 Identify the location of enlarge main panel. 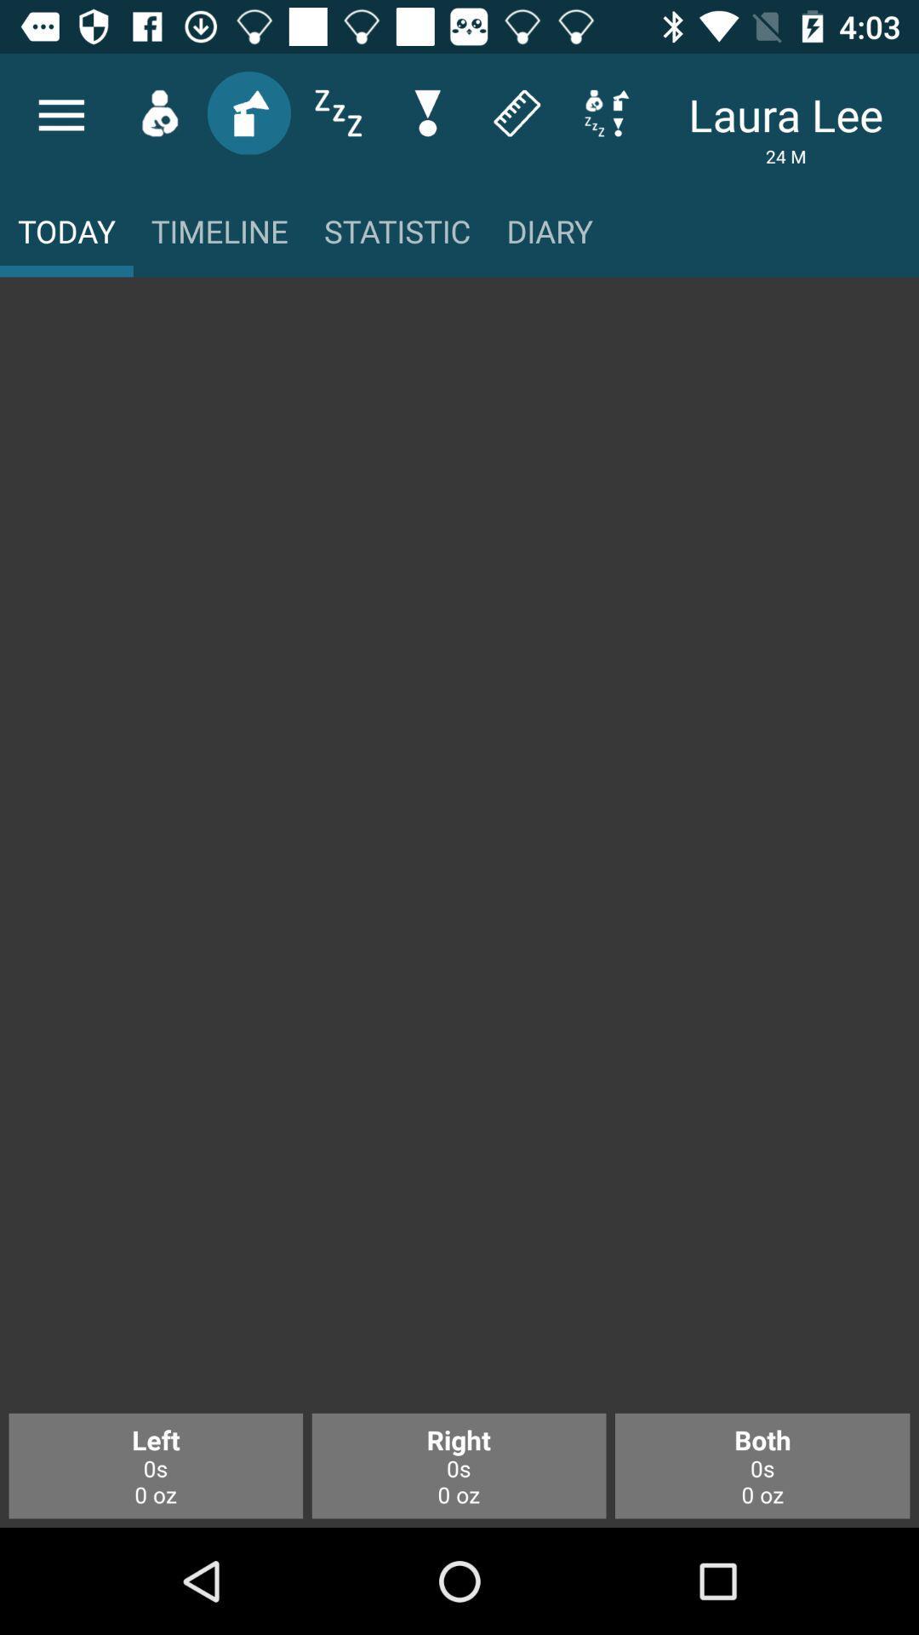
(459, 854).